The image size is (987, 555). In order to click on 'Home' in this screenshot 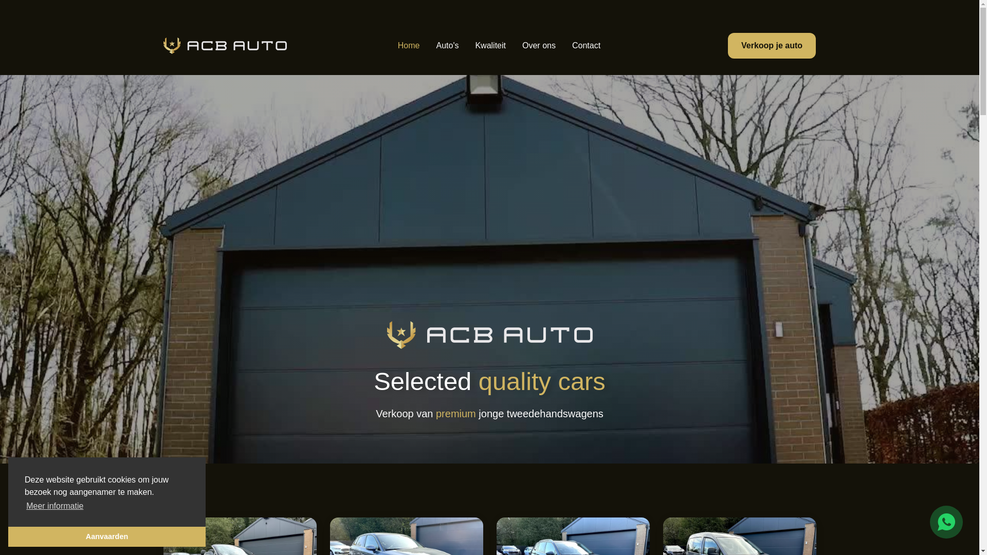, I will do `click(408, 45)`.